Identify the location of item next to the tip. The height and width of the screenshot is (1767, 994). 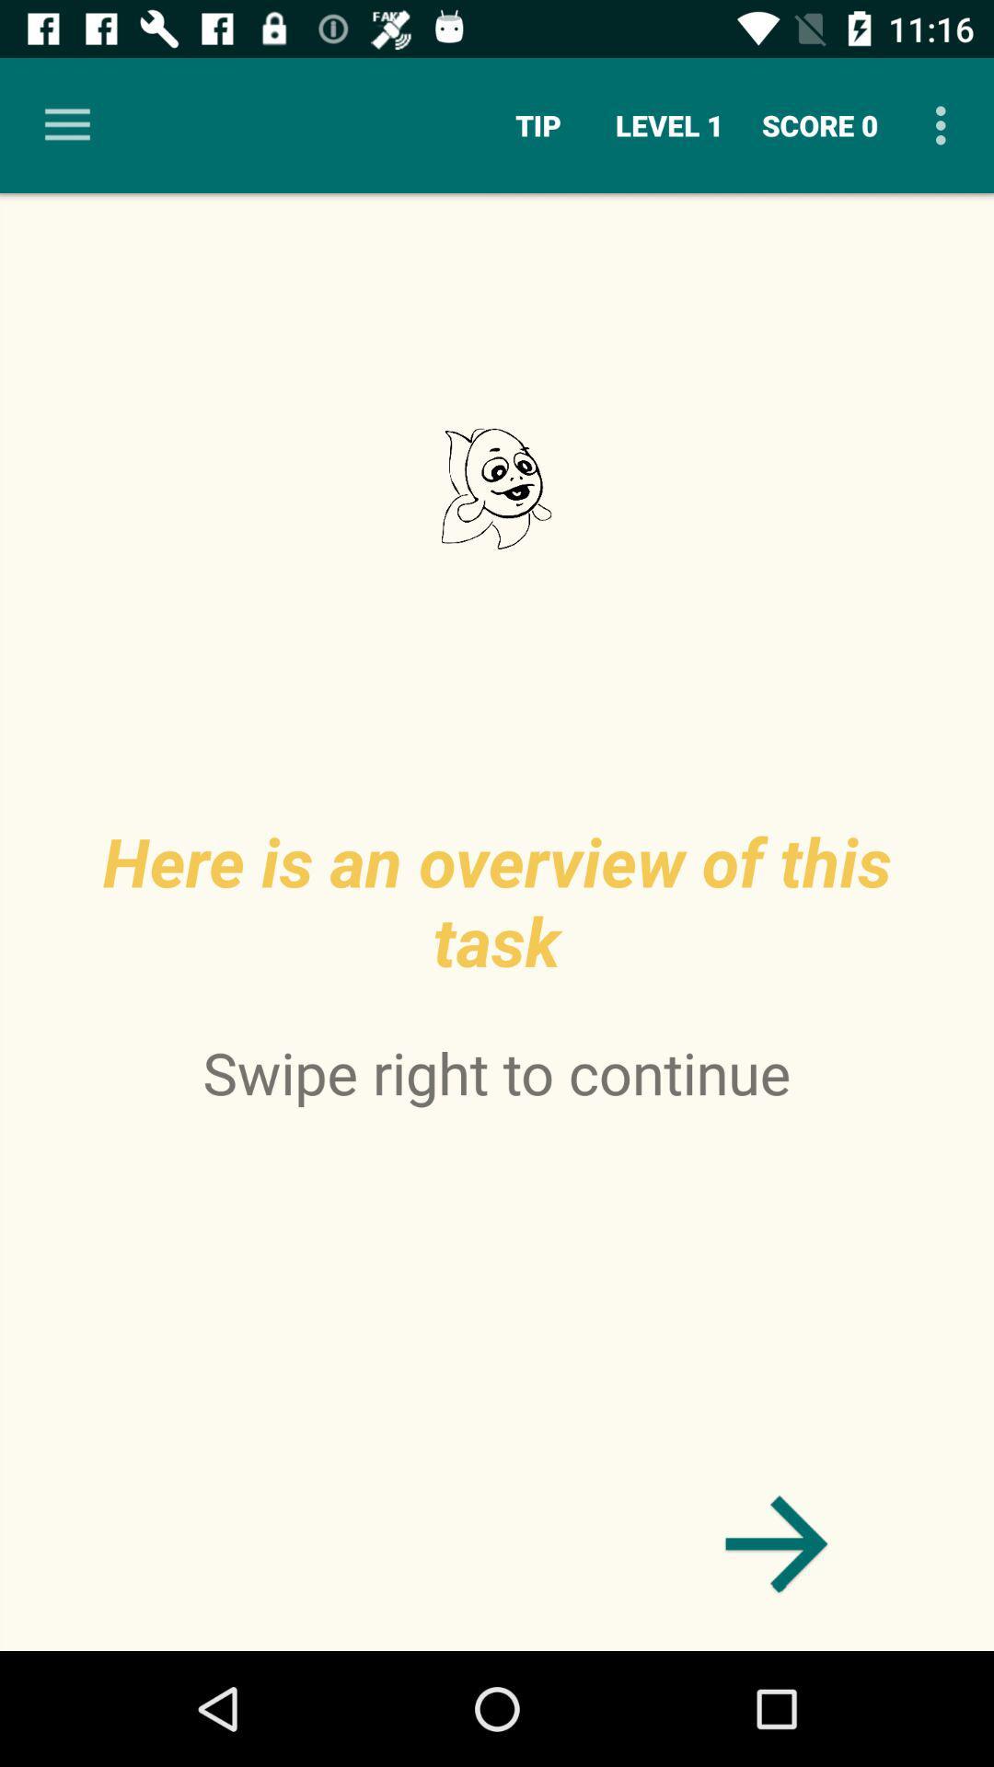
(66, 124).